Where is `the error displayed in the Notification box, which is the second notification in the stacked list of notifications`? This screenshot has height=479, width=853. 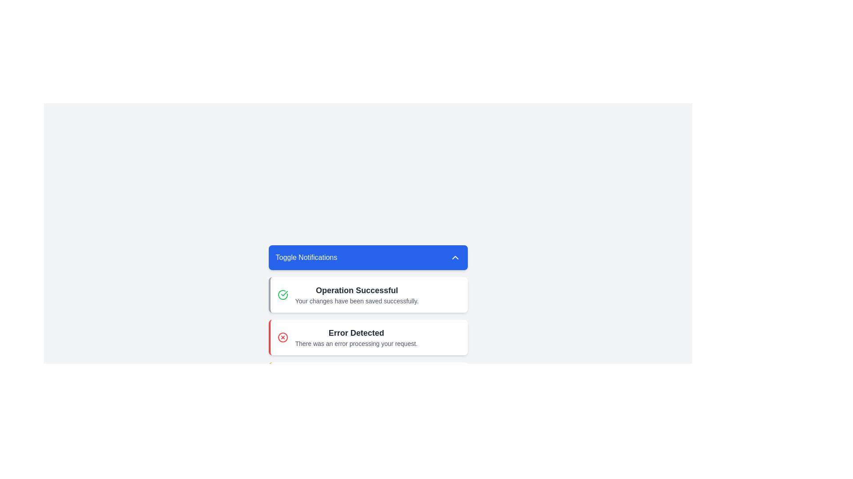 the error displayed in the Notification box, which is the second notification in the stacked list of notifications is located at coordinates (368, 337).